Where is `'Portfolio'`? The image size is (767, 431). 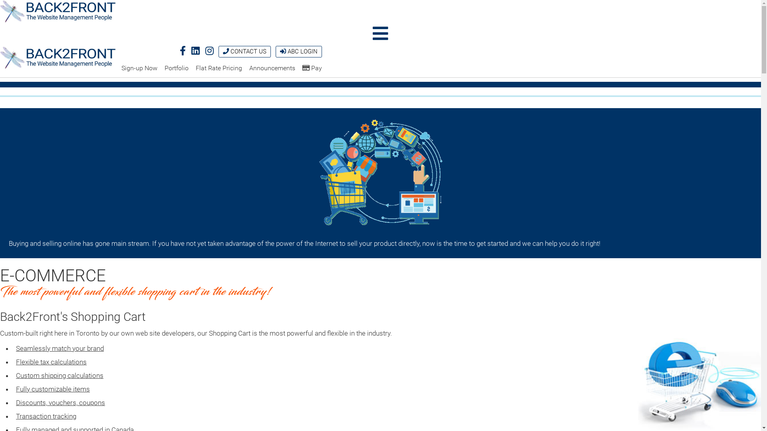
'Portfolio' is located at coordinates (176, 67).